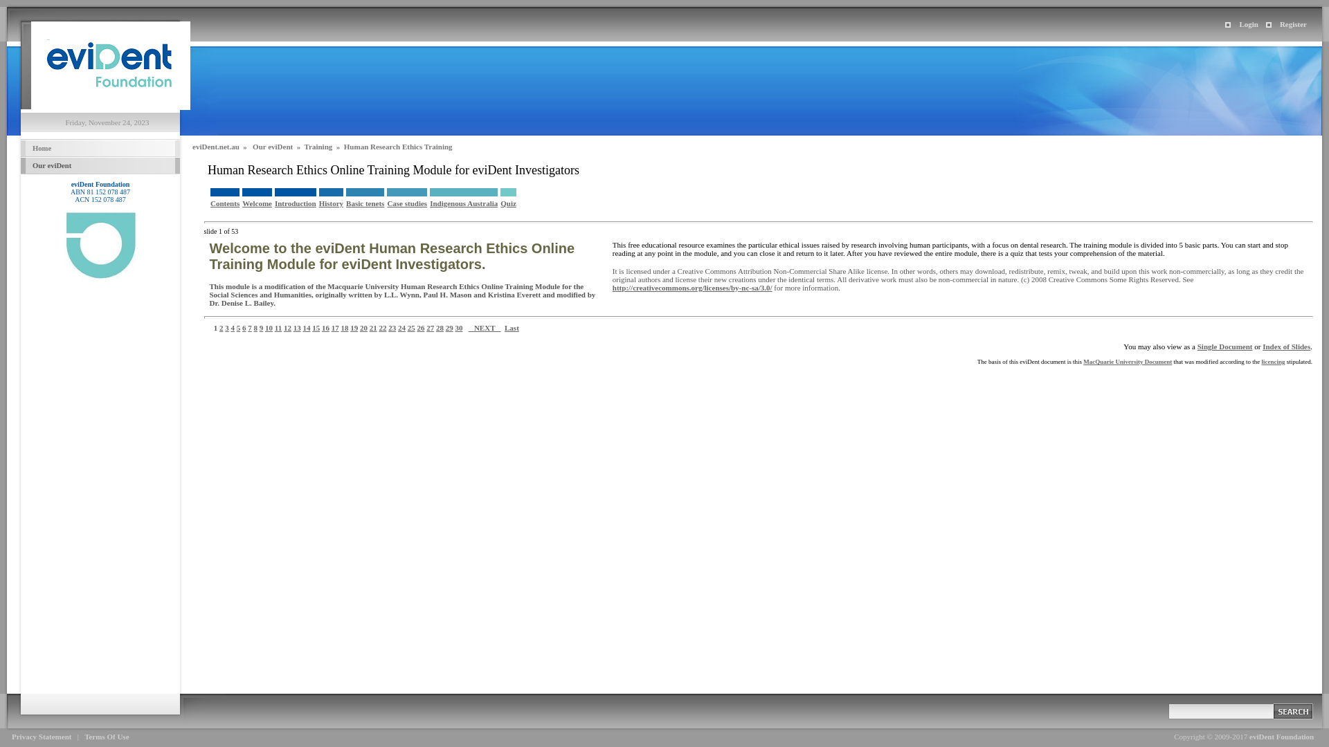 This screenshot has width=1329, height=747. I want to click on '4', so click(233, 328).